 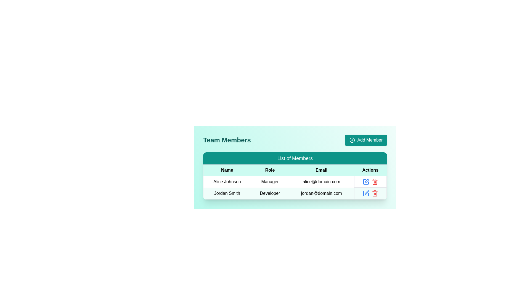 What do you see at coordinates (366, 193) in the screenshot?
I see `the first Icon Button in the 'Actions' column of the second row in the 'List of Members' table` at bounding box center [366, 193].